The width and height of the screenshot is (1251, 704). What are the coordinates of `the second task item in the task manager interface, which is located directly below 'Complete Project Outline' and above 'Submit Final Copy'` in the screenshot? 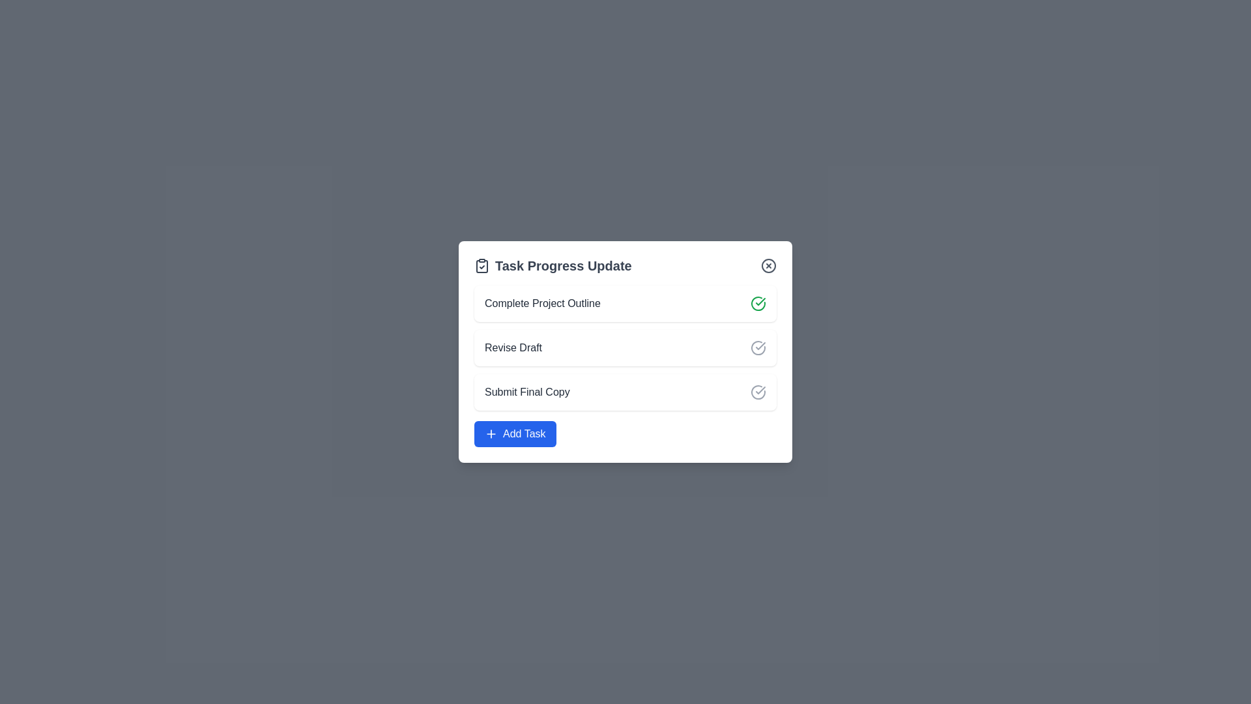 It's located at (625, 347).